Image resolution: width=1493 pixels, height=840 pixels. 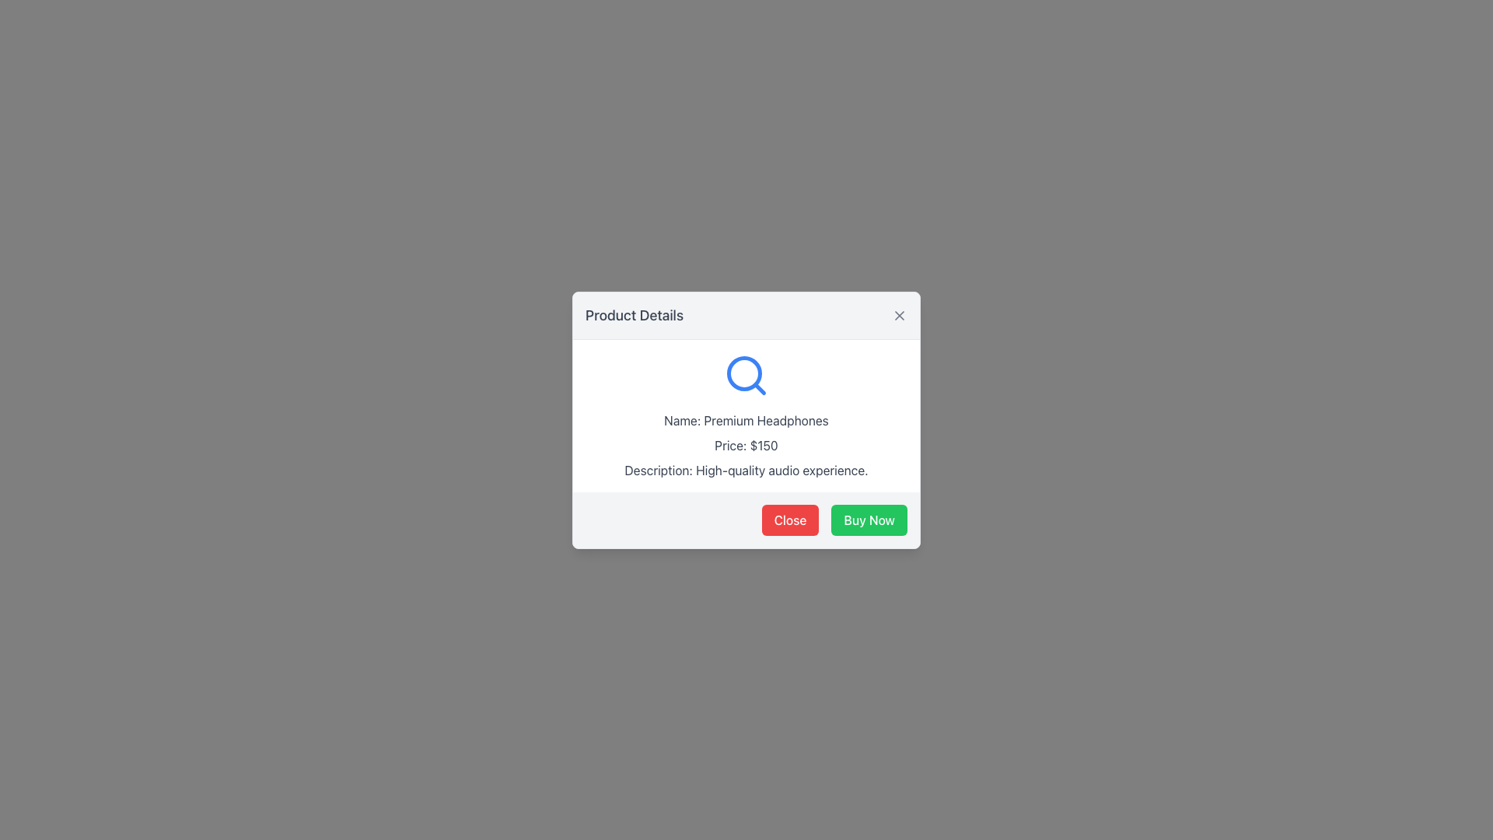 I want to click on the 'Close' button located at the top-right corner of the 'Product Details' modal, so click(x=899, y=315).